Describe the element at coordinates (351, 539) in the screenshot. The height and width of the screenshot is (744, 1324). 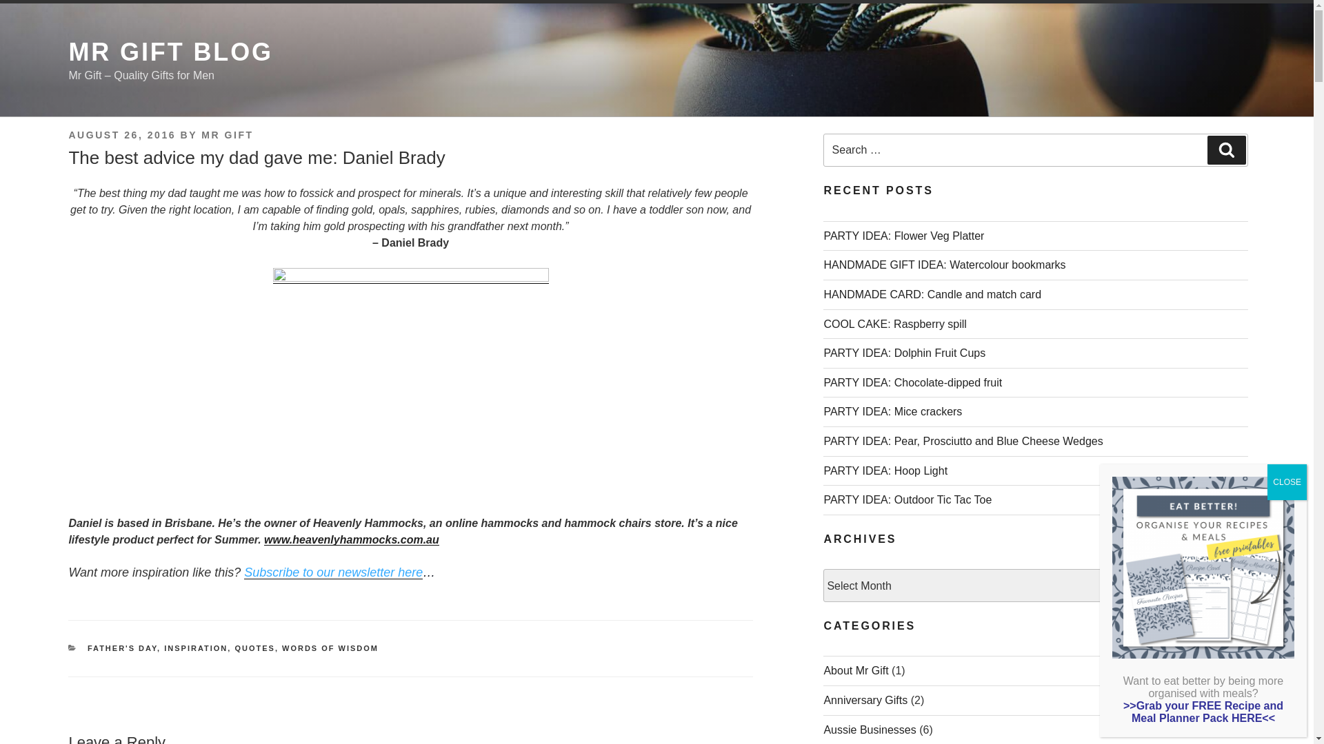
I see `'www.heavenlyhammocks.com.au'` at that location.